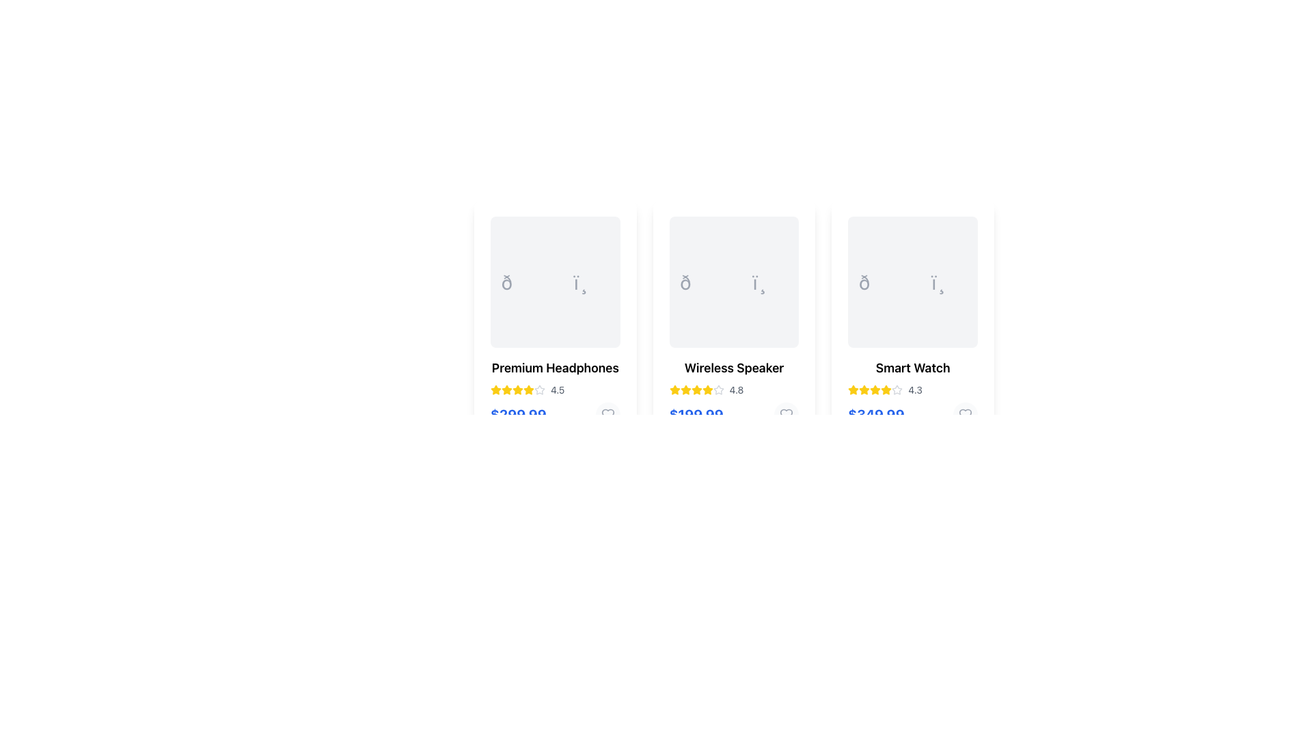 This screenshot has width=1312, height=738. What do you see at coordinates (696, 389) in the screenshot?
I see `the fourth yellow star icon in the series of star ratings on the Wireless Speaker item card by clicking on it` at bounding box center [696, 389].